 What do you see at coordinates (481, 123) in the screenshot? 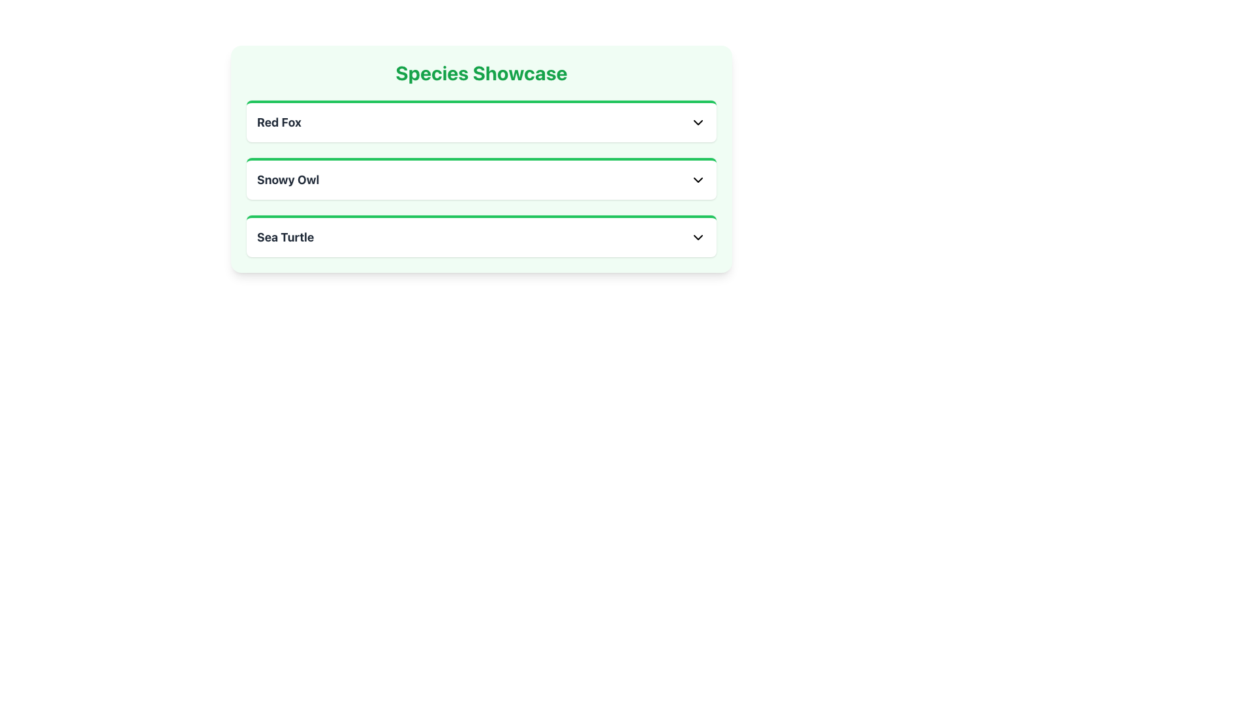
I see `the Dropdown Activator labeled 'Red Fox' which is positioned at the top of the list directly below the heading 'Species Showcase'` at bounding box center [481, 123].